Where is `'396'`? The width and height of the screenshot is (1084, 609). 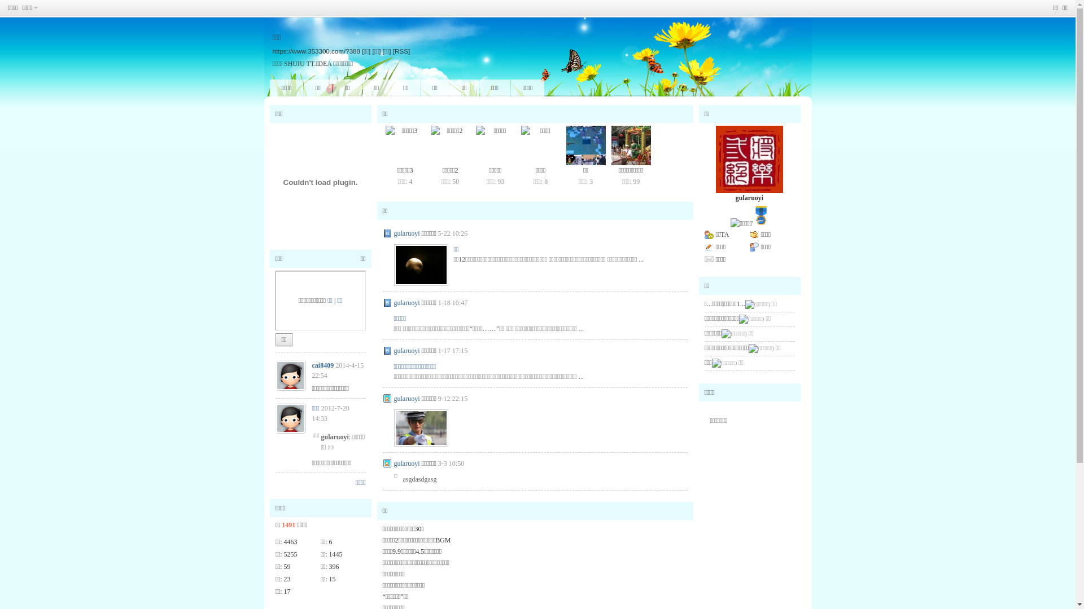
'396' is located at coordinates (333, 567).